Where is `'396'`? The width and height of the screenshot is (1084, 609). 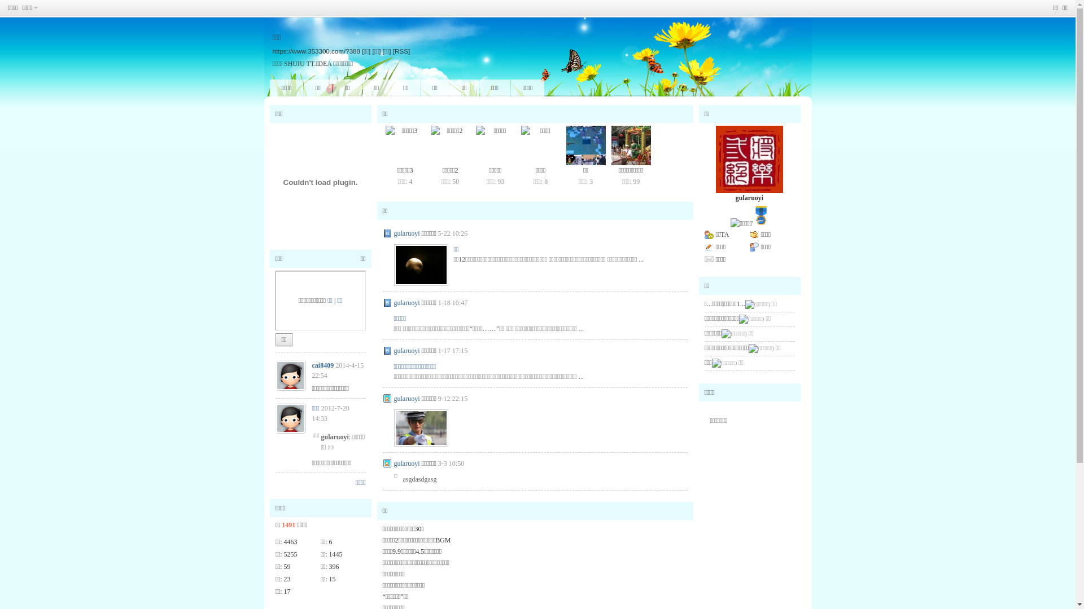
'396' is located at coordinates (333, 567).